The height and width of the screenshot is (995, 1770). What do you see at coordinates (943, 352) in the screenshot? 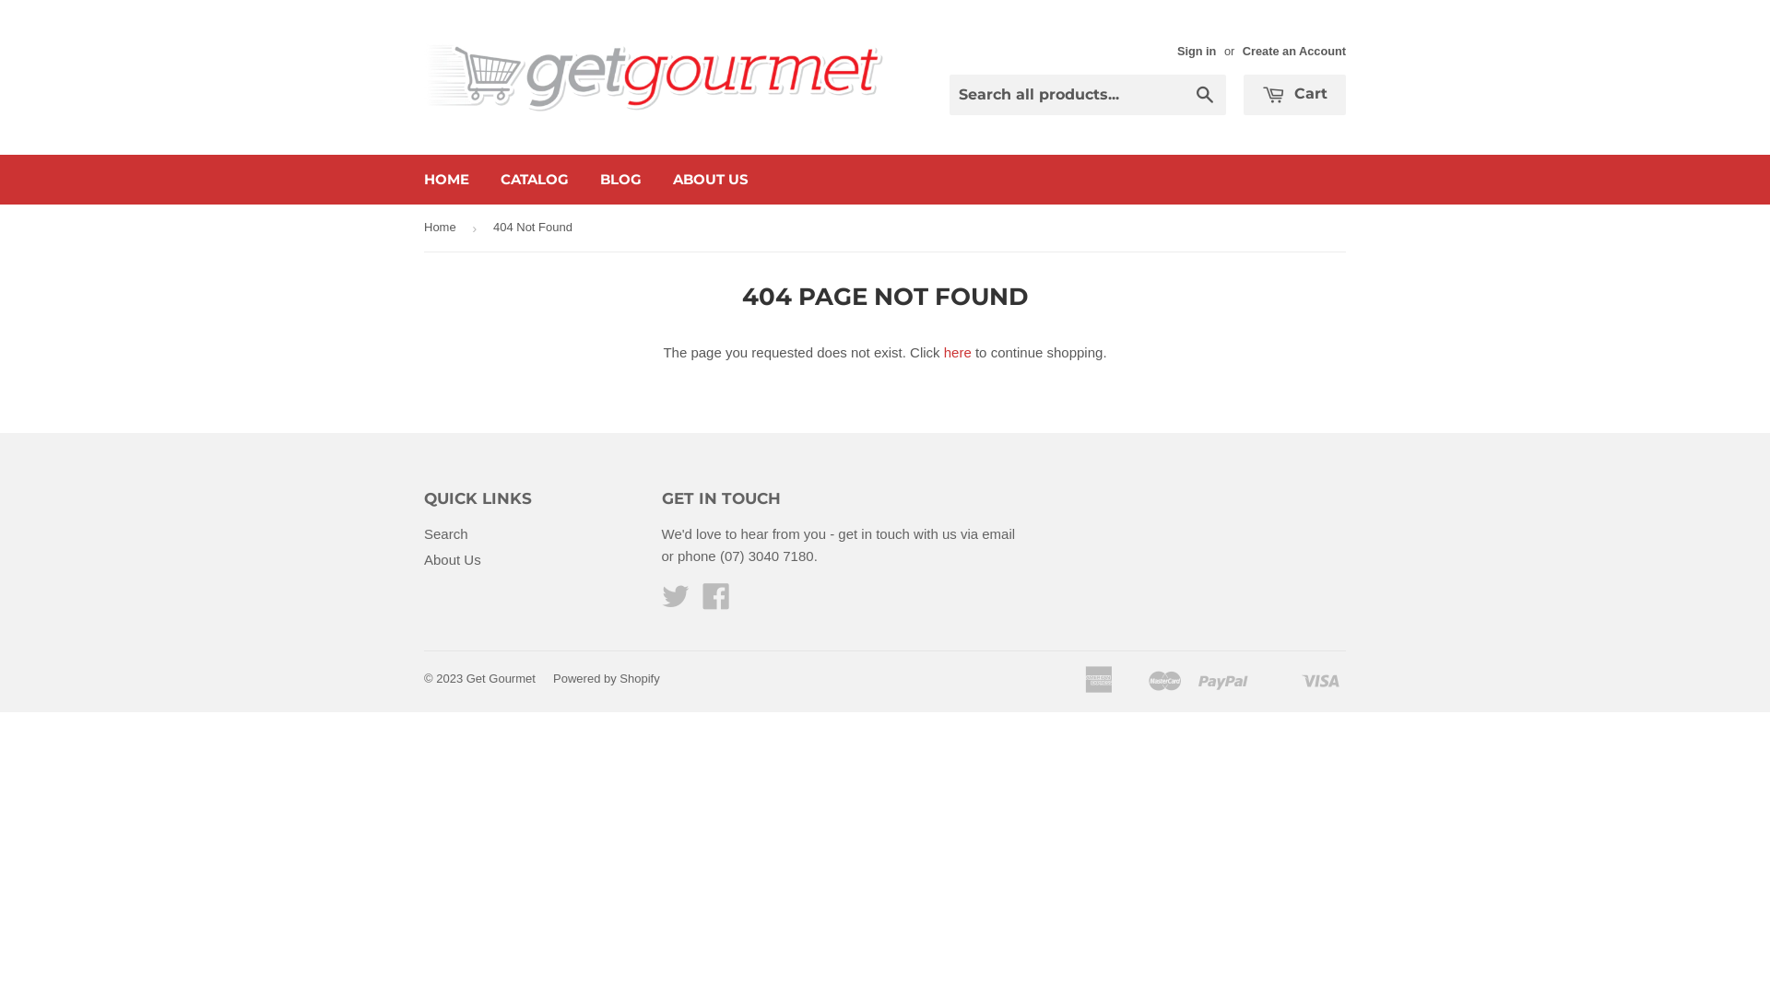
I see `'here'` at bounding box center [943, 352].